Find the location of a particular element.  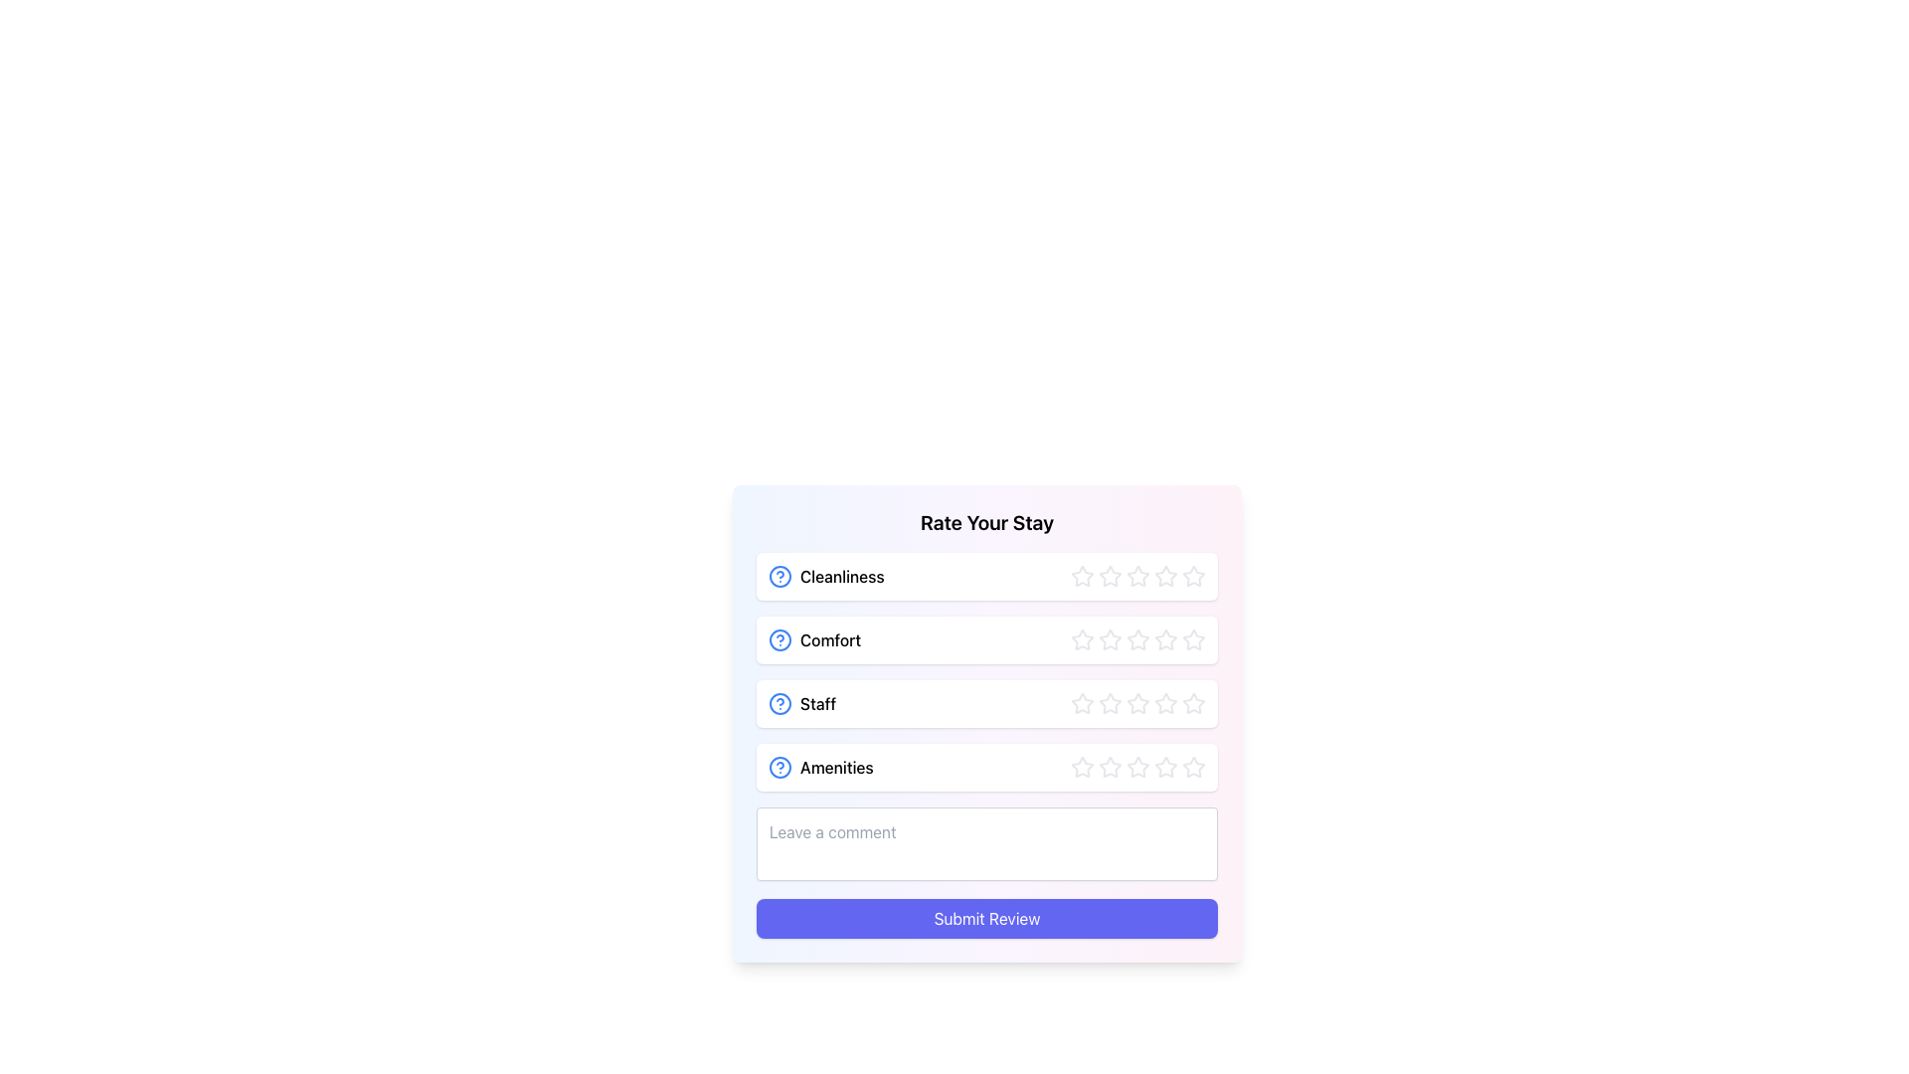

the third star in the rating system is located at coordinates (1138, 640).